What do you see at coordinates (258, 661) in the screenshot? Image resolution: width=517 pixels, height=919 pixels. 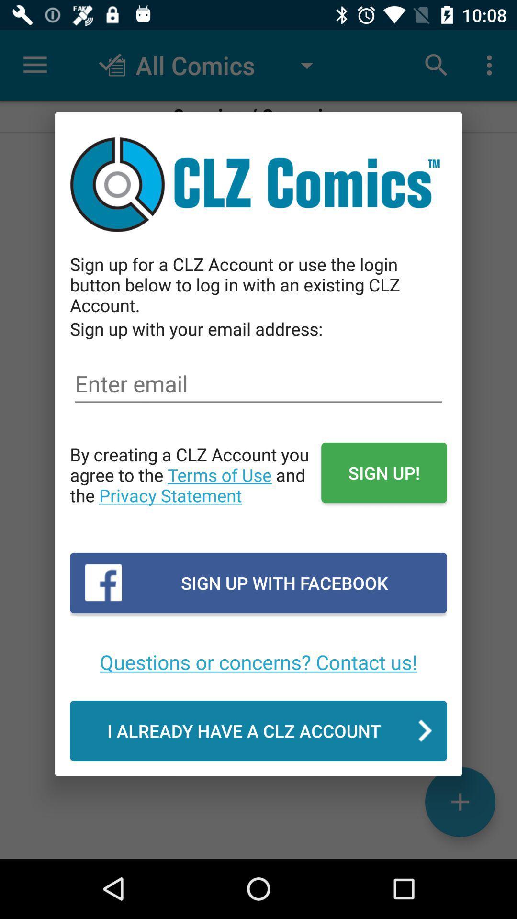 I see `questions or concerns item` at bounding box center [258, 661].